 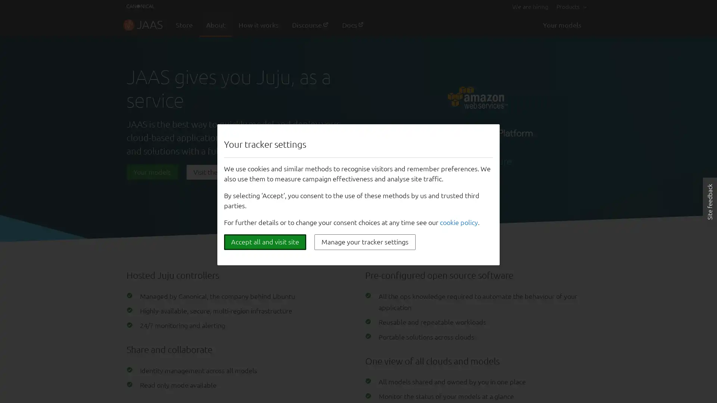 What do you see at coordinates (365, 242) in the screenshot?
I see `Manage your tracker settings` at bounding box center [365, 242].